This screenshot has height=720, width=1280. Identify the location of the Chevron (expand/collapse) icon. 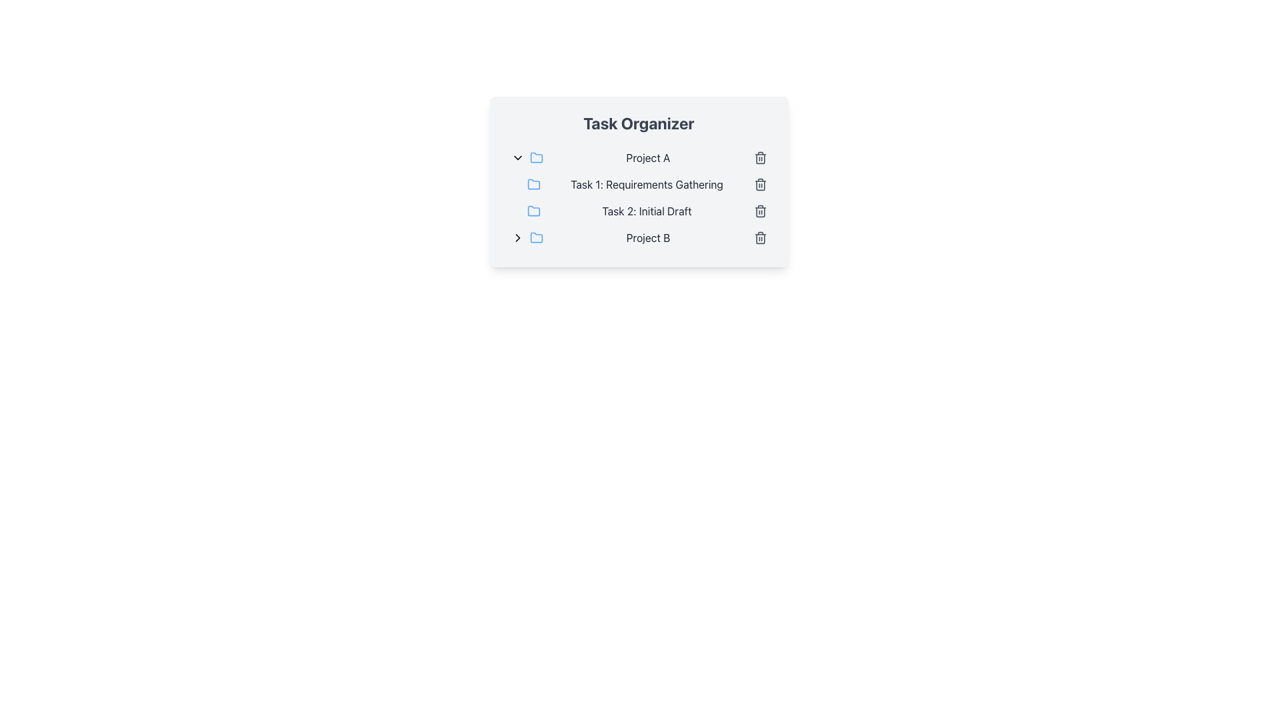
(517, 157).